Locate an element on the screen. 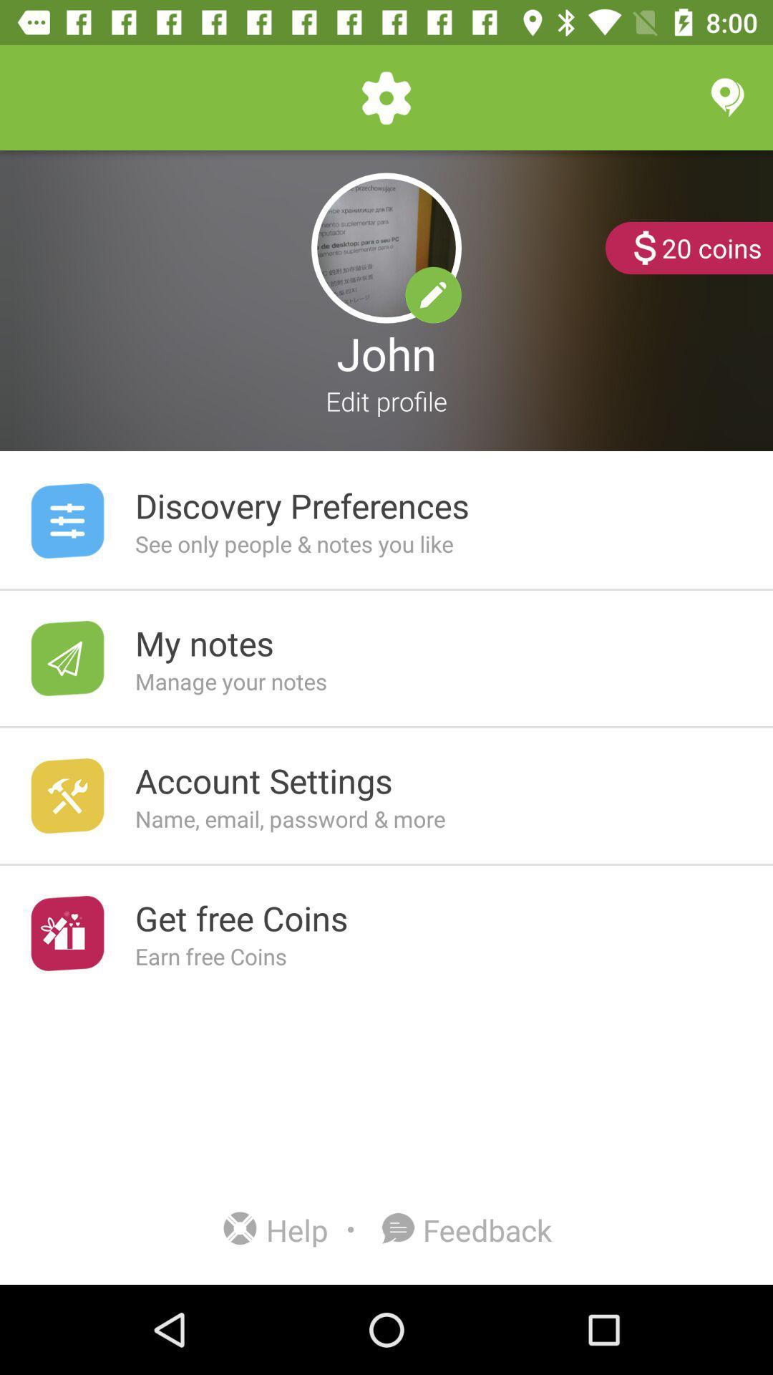  the dollar sign option is located at coordinates (645, 248).